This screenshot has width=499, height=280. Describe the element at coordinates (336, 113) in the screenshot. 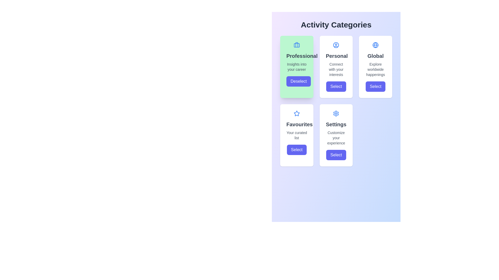

I see `the blue gear-like icon representing settings, located at the top center of the card labeled 'Settings'` at that location.